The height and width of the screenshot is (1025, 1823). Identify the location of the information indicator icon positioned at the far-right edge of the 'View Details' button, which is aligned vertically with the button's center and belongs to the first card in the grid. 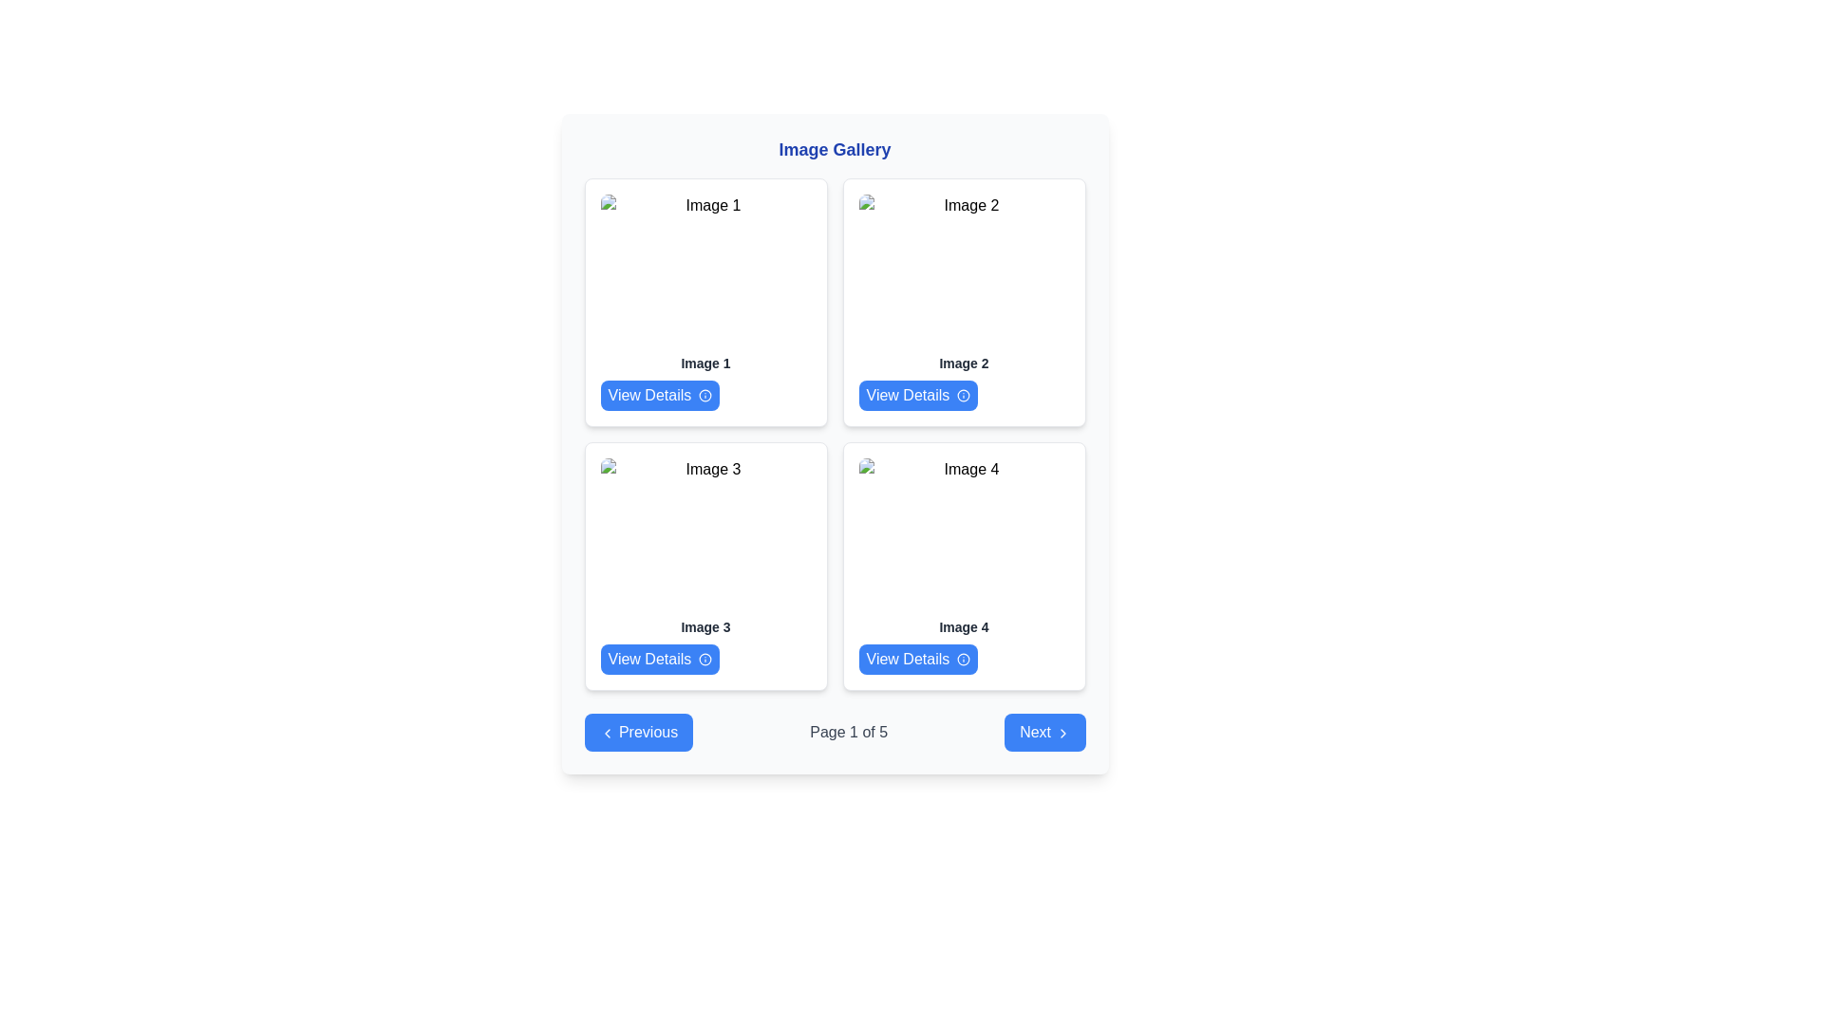
(705, 394).